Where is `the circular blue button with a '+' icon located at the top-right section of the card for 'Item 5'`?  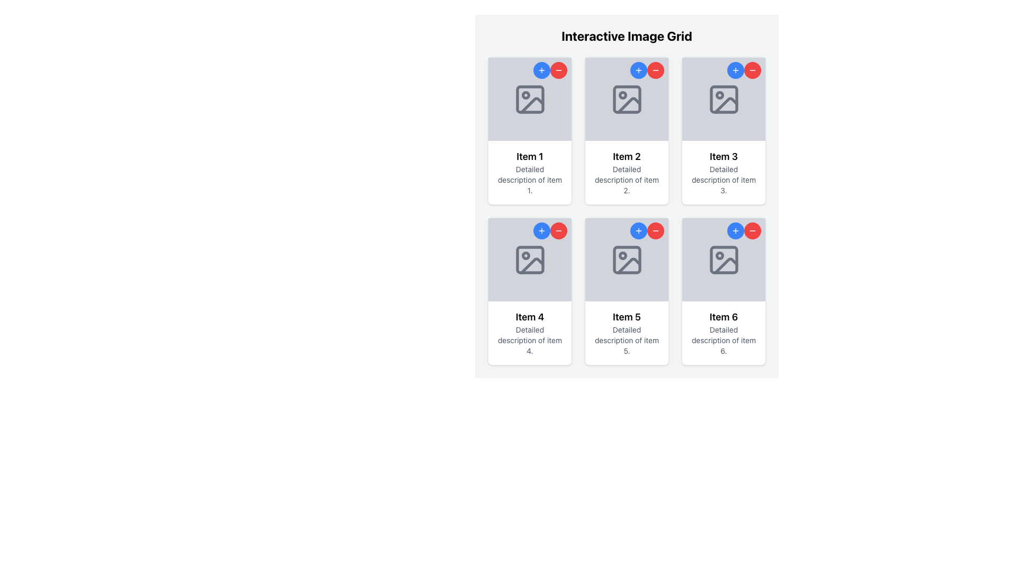 the circular blue button with a '+' icon located at the top-right section of the card for 'Item 5' is located at coordinates (638, 230).